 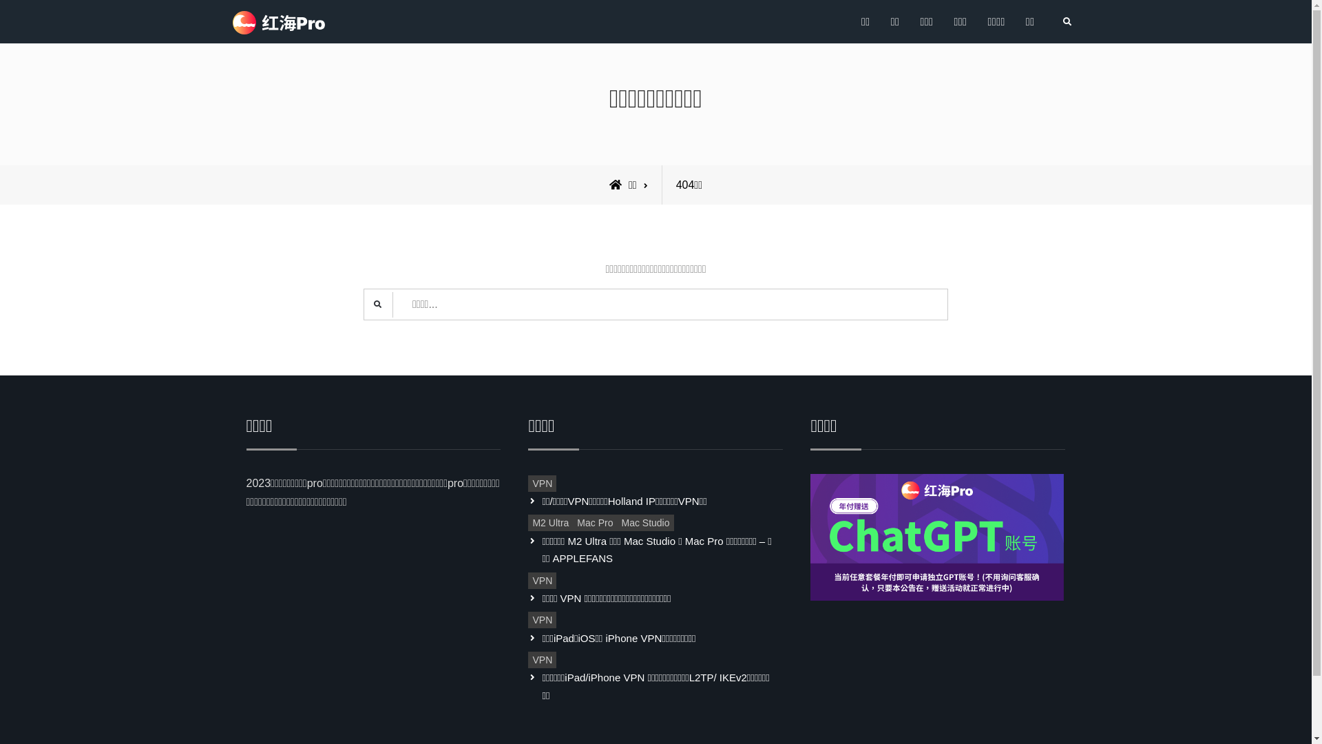 What do you see at coordinates (527, 619) in the screenshot?
I see `'VPN'` at bounding box center [527, 619].